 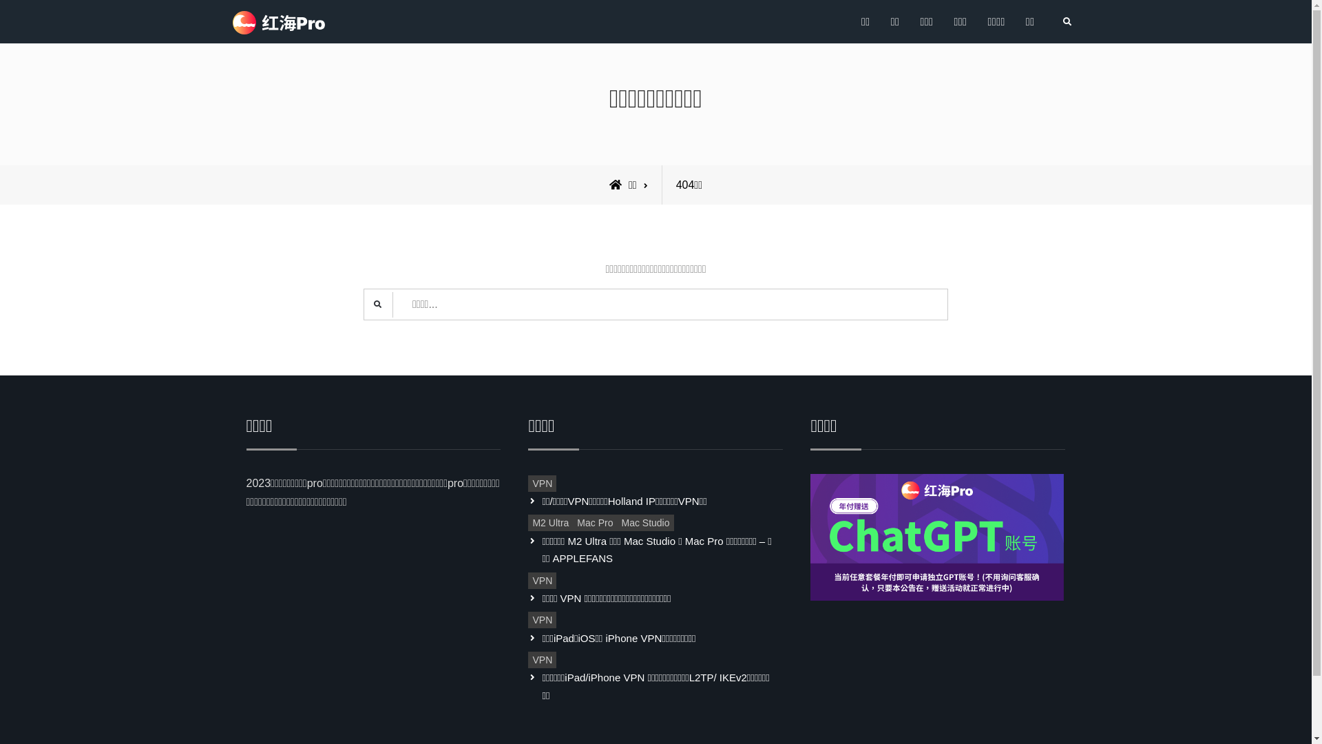 What do you see at coordinates (527, 619) in the screenshot?
I see `'VPN'` at bounding box center [527, 619].